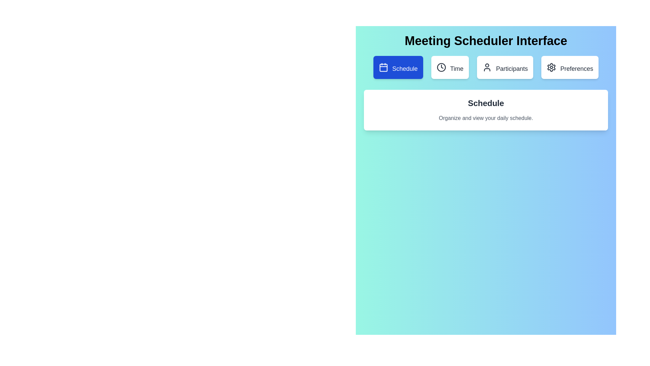 The height and width of the screenshot is (366, 650). I want to click on the 'Participants' icon, which is located inside the 'Participants' button, the third button in a horizontal row of four buttons, aligned to the left adjacent to the text label, so click(487, 67).